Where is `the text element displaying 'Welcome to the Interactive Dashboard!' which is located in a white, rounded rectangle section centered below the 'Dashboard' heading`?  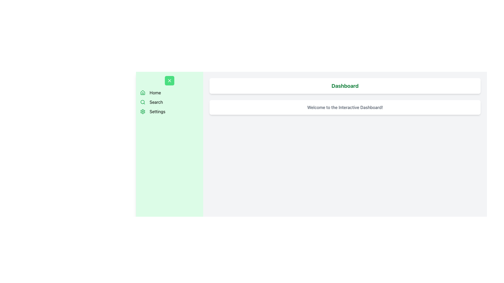
the text element displaying 'Welcome to the Interactive Dashboard!' which is located in a white, rounded rectangle section centered below the 'Dashboard' heading is located at coordinates (345, 107).